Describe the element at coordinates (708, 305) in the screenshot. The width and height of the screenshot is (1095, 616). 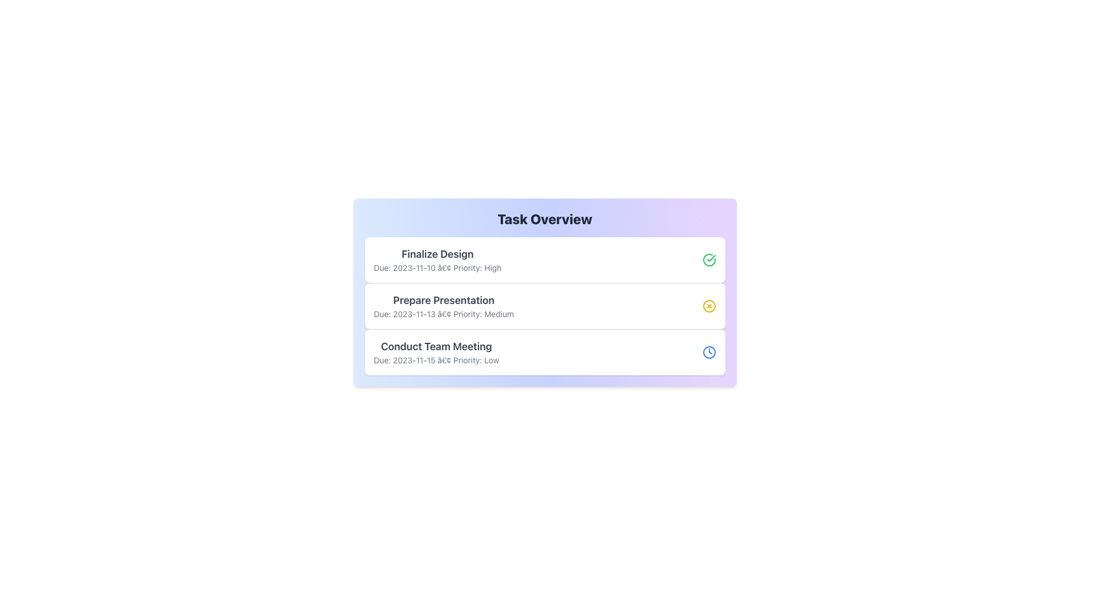
I see `the action indicator icon located at the far-right side of the 'Prepare Presentation' task card` at that location.